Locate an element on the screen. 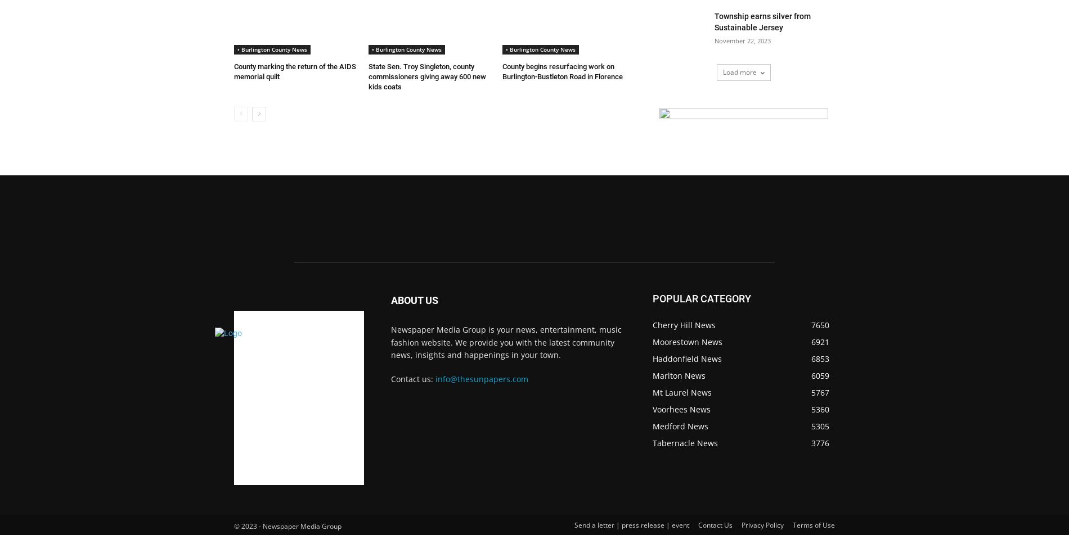  'POPULAR CATEGORY' is located at coordinates (701, 298).